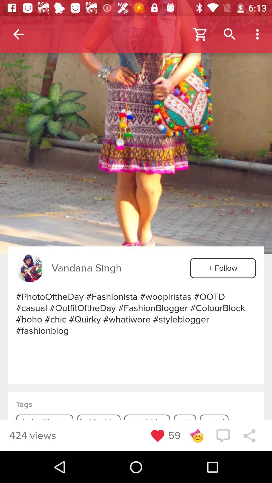 Image resolution: width=272 pixels, height=483 pixels. Describe the element at coordinates (223, 435) in the screenshot. I see `the chat icon` at that location.